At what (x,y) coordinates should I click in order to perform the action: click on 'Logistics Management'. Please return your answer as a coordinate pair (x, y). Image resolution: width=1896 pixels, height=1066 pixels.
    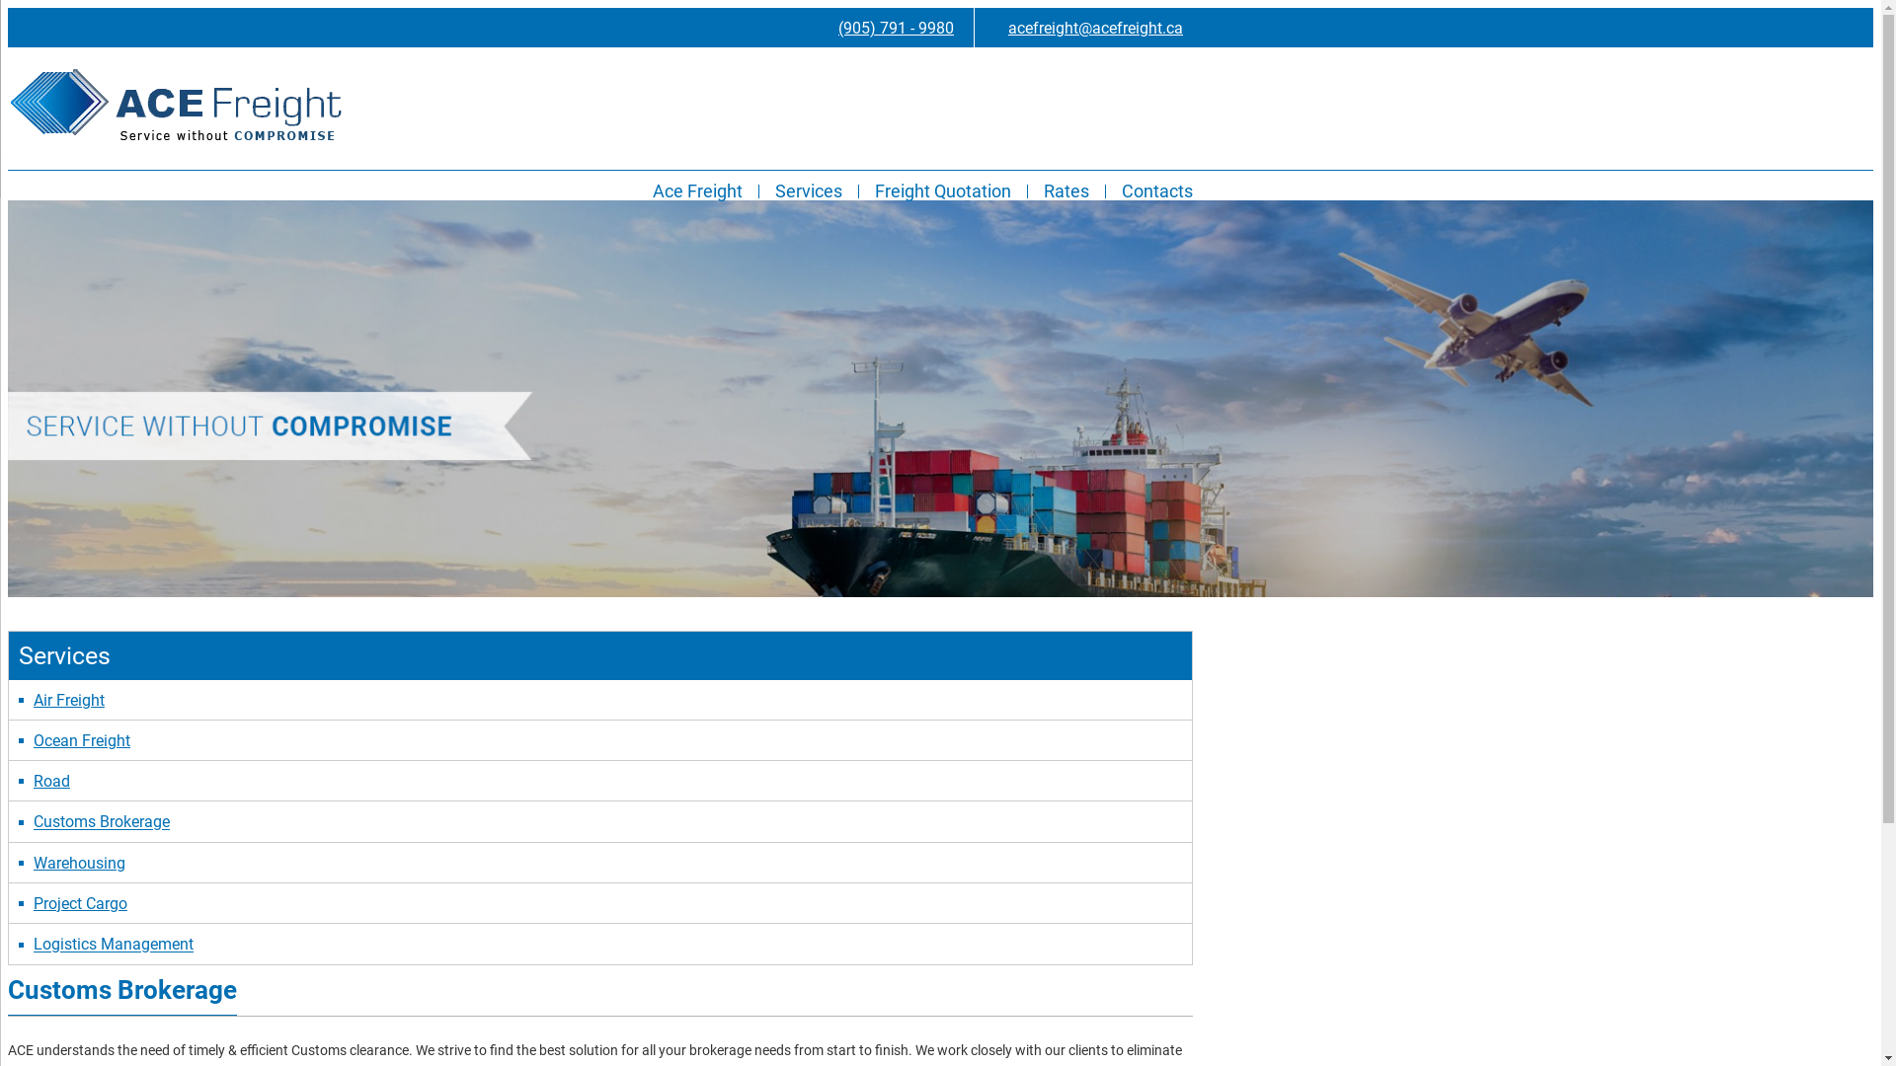
    Looking at the image, I should click on (113, 944).